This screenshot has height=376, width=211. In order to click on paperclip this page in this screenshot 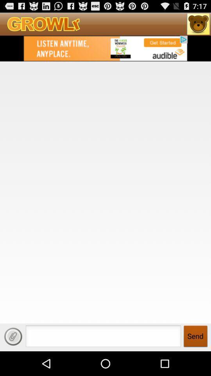, I will do `click(13, 336)`.